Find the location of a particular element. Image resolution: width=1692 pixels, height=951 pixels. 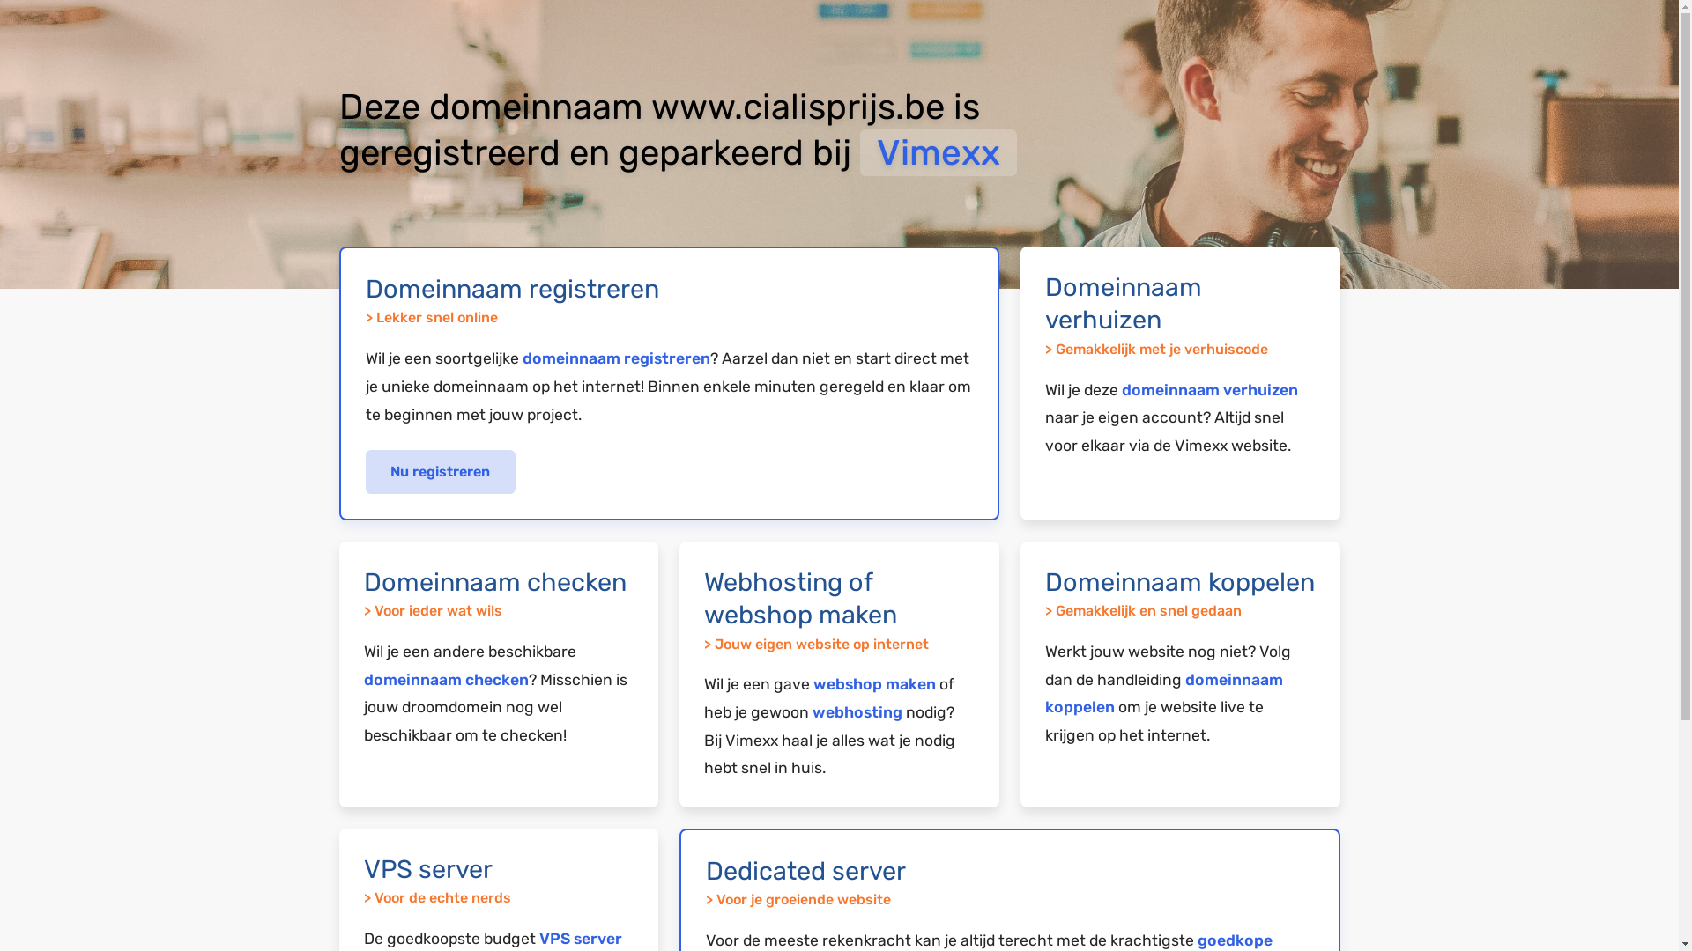

'domeinnaam koppelen' is located at coordinates (1163, 692).